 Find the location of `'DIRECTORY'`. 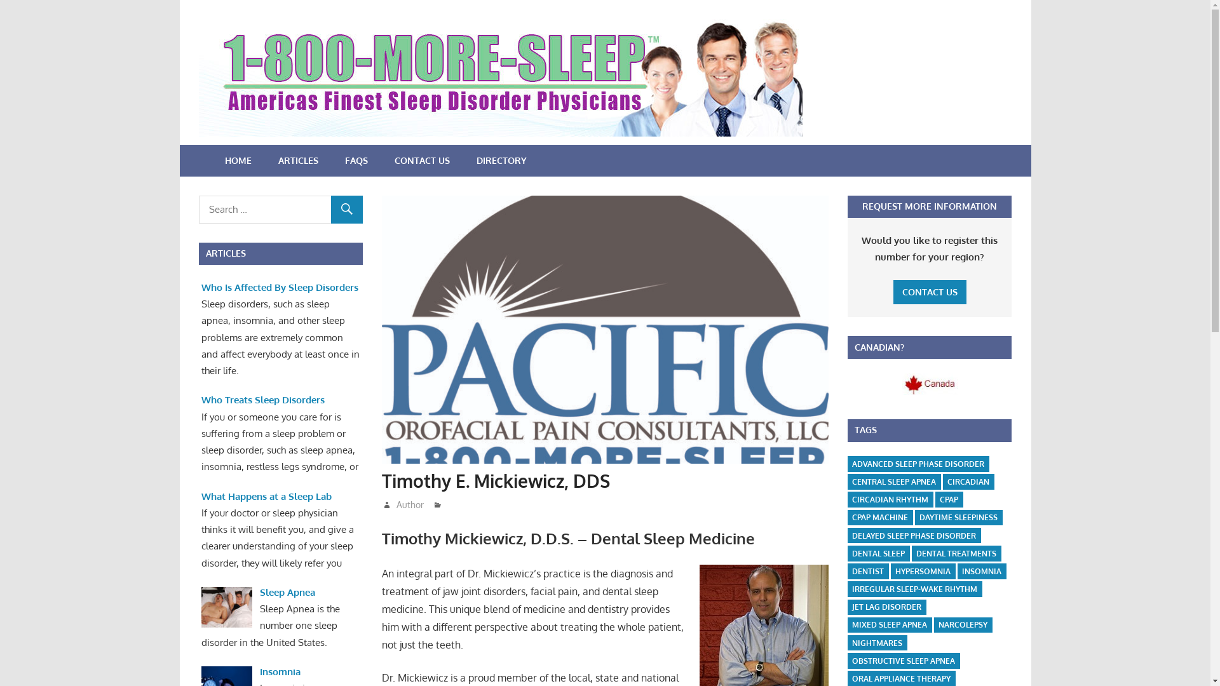

'DIRECTORY' is located at coordinates (500, 160).